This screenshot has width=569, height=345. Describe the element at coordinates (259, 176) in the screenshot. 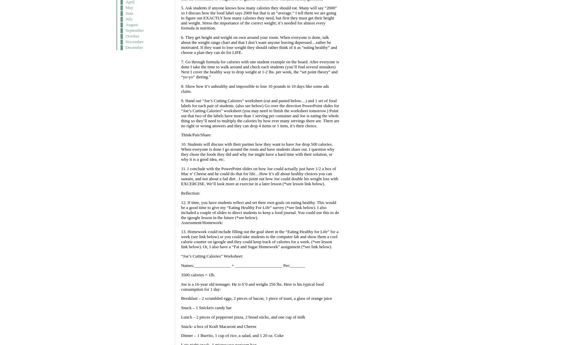

I see `'11. I conclude with the PowerPoint slides on how Joe could actually just have 1/2 a box of Mac n’ Cheese and he could do that for life…How it’s all about healthy choices you can sustain, and not about a fad diet . I also point out how Joe could double his weight loss with EXCERCISE. We’ll look more at exercise in a later lesson (*see lesson link below).'` at that location.